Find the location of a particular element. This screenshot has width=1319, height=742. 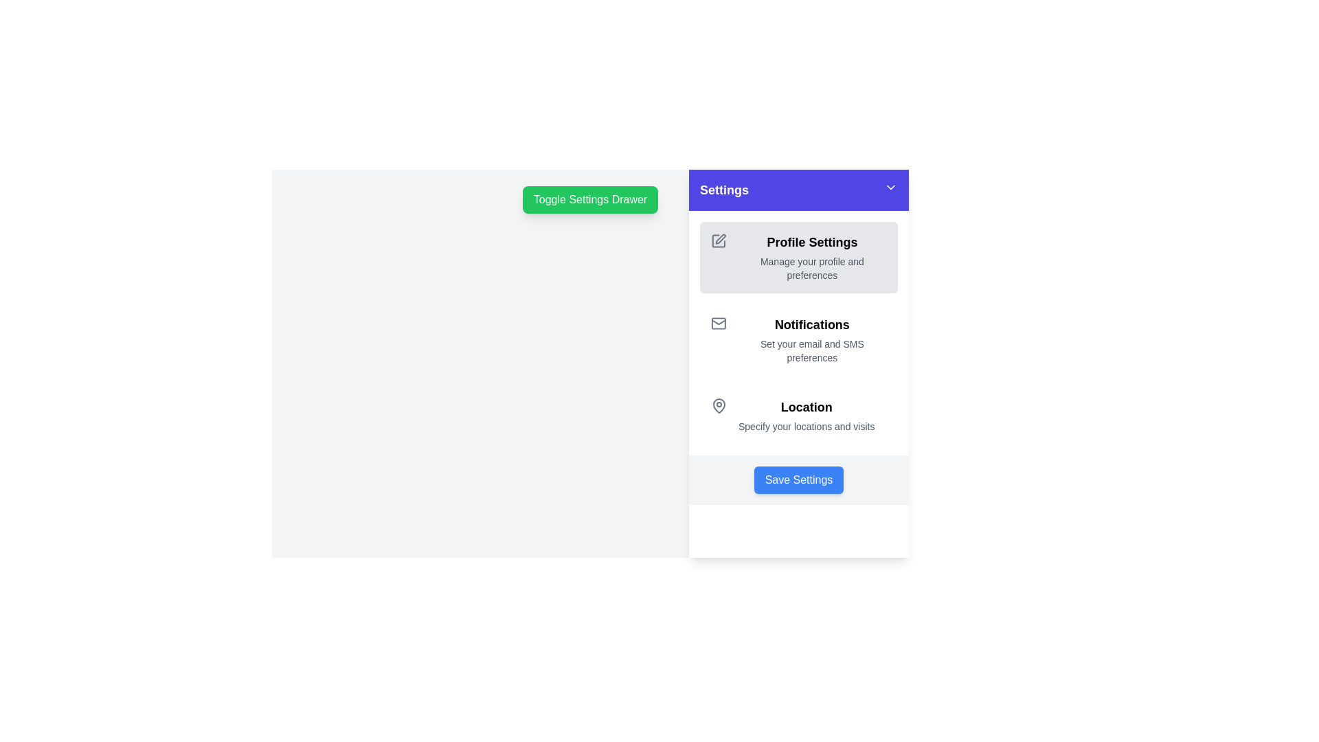

the map pin icon, which is the leading icon of the 'Location' section in the third row of settings options is located at coordinates (718, 405).